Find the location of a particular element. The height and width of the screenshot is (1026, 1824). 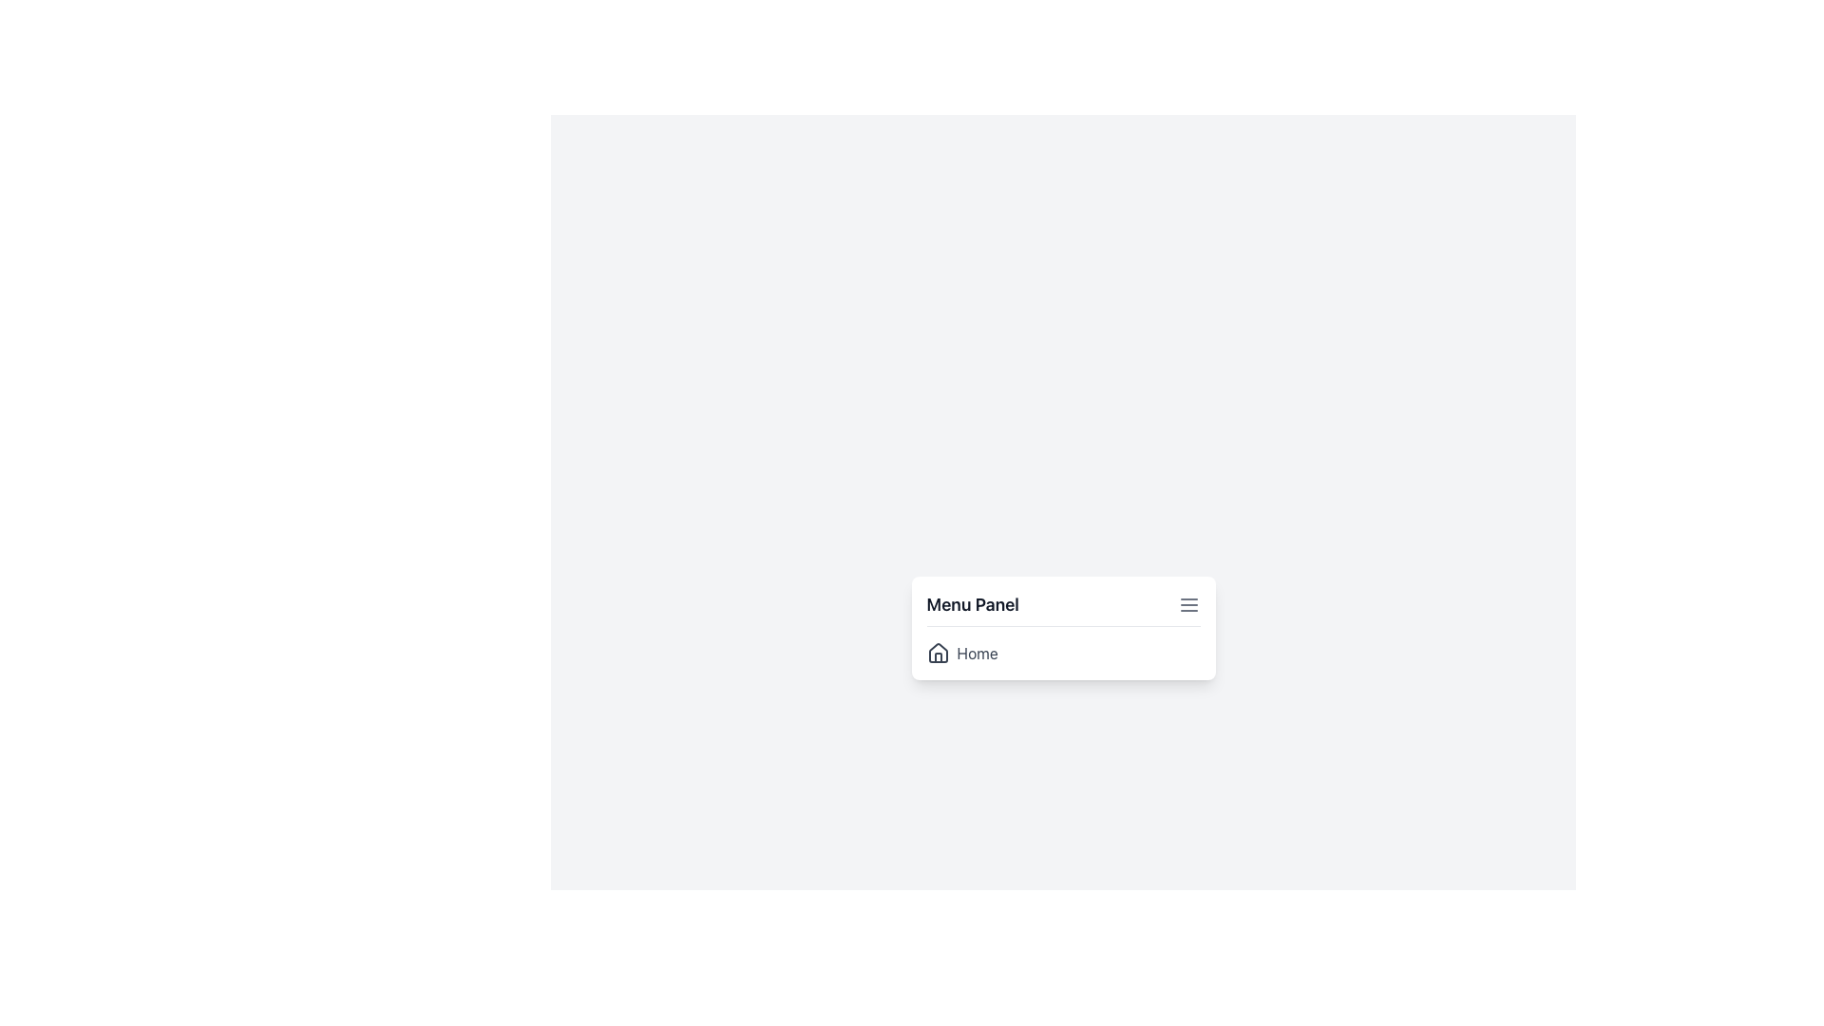

the house icon, which serves as a visual cue for the 'Home' navigation link, positioned to the left of the text 'Home' is located at coordinates (938, 652).